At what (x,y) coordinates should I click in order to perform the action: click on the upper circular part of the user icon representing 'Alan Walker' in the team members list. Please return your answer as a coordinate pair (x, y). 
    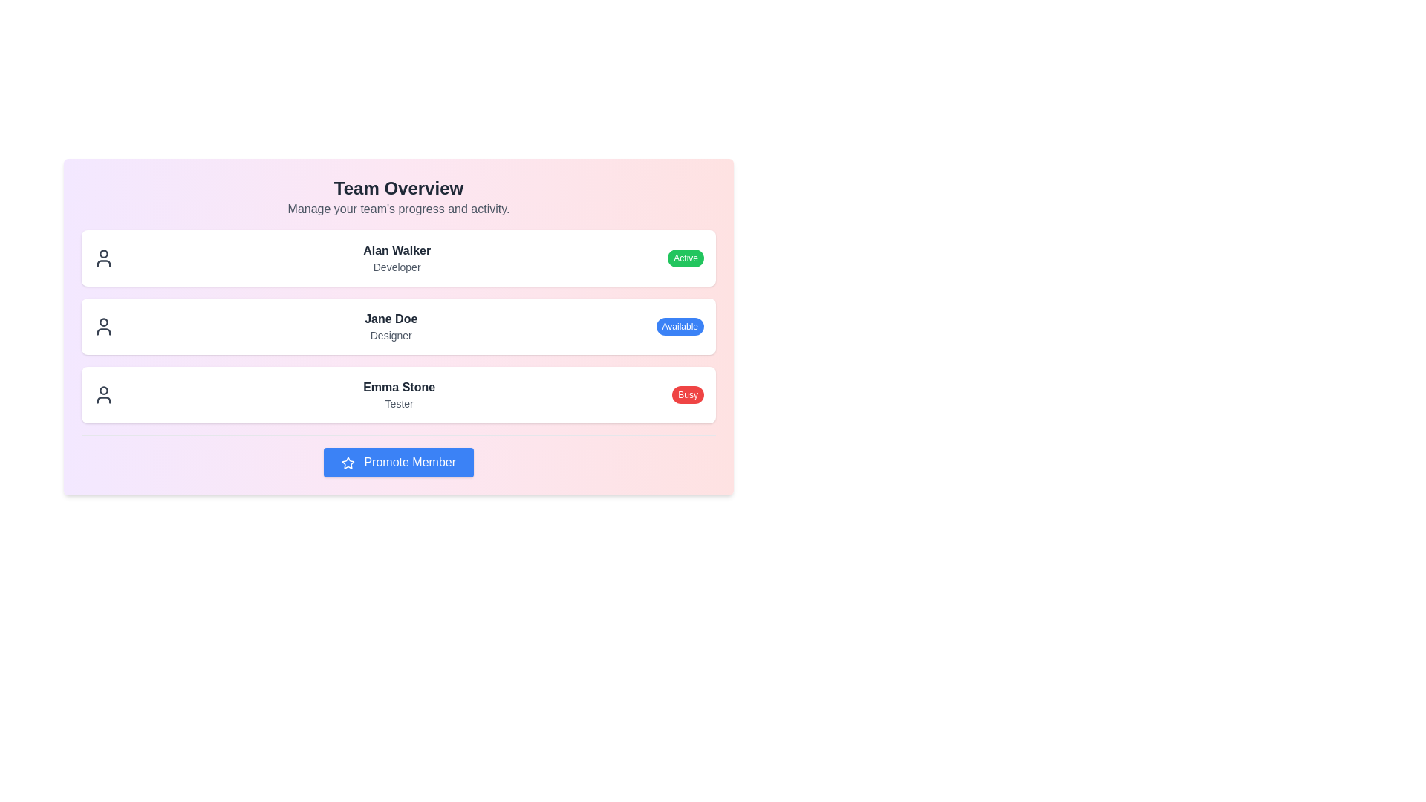
    Looking at the image, I should click on (102, 253).